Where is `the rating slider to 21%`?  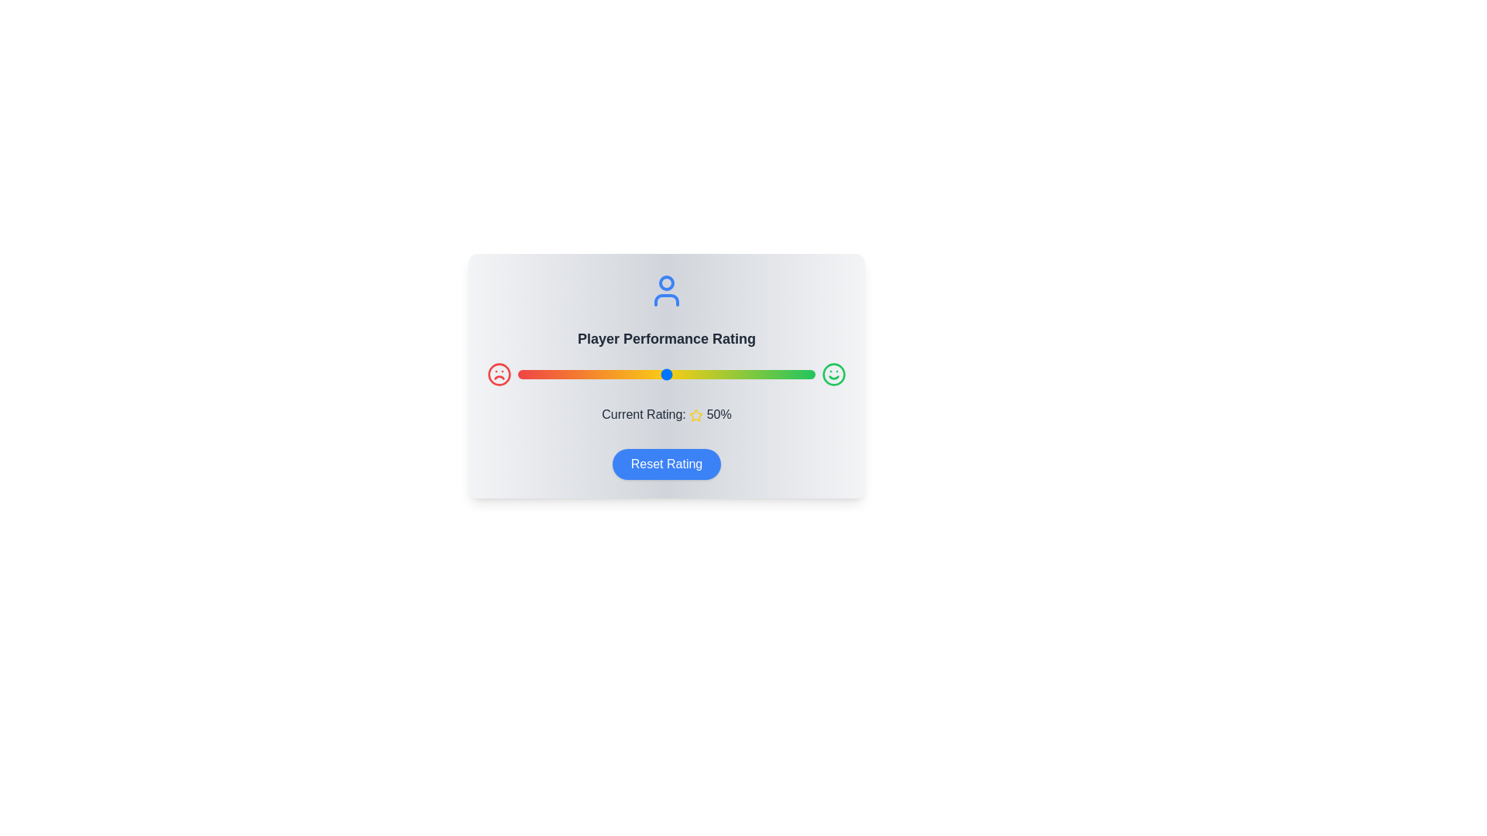 the rating slider to 21% is located at coordinates (579, 374).